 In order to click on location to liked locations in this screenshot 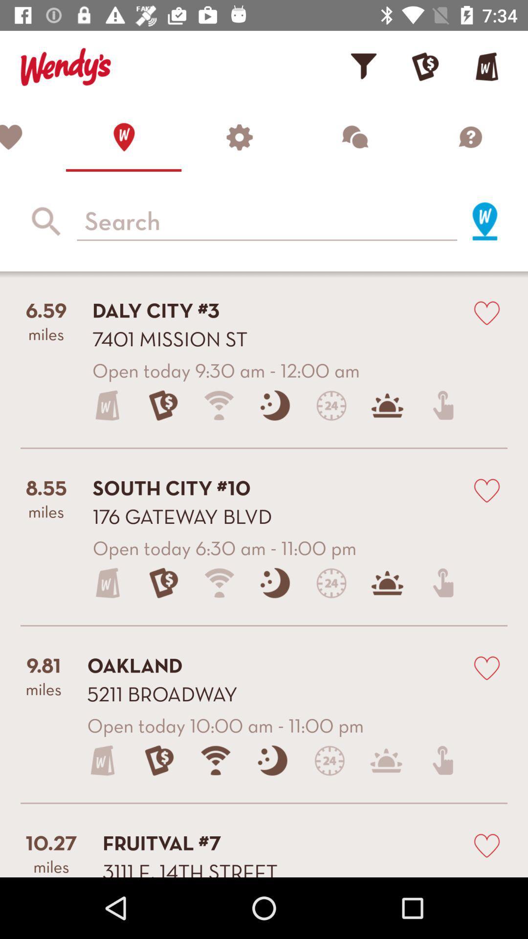, I will do `click(486, 667)`.